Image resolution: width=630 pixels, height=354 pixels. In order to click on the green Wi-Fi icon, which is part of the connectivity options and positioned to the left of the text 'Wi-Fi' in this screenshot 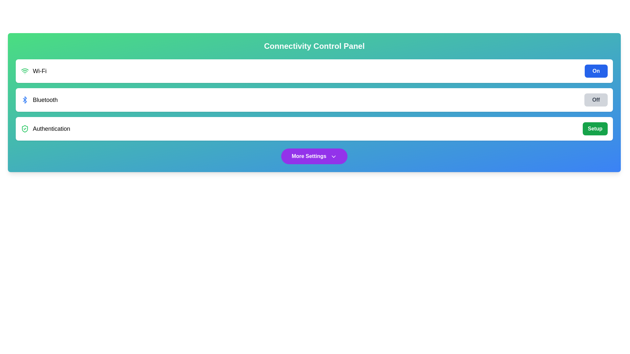, I will do `click(25, 71)`.